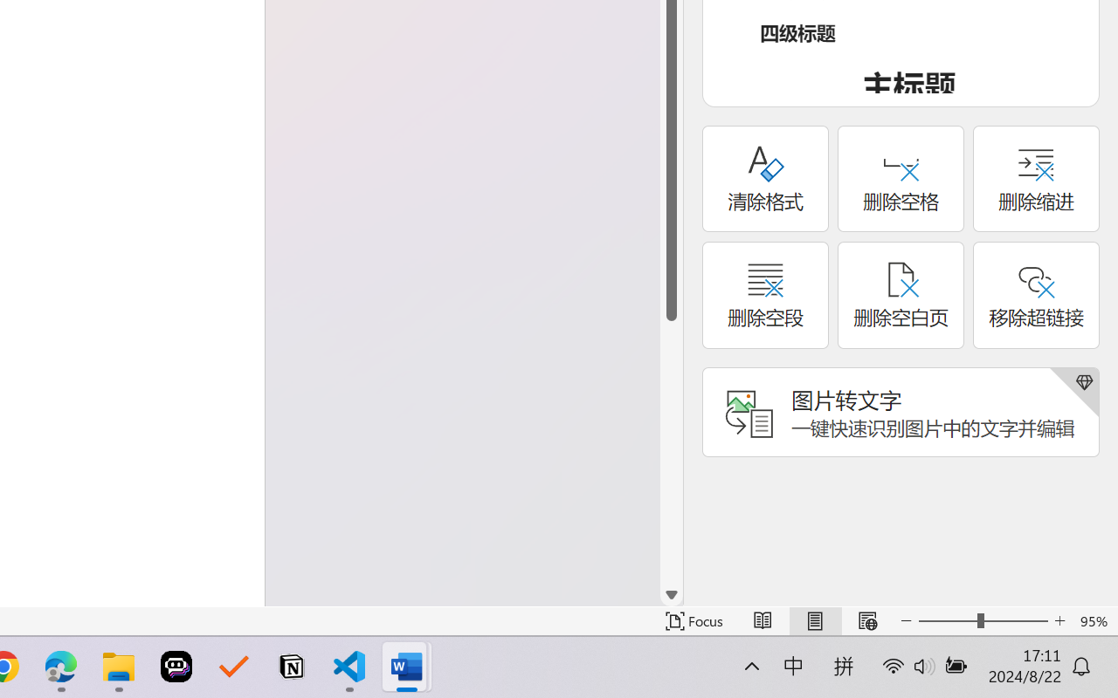  I want to click on 'Line down', so click(671, 595).